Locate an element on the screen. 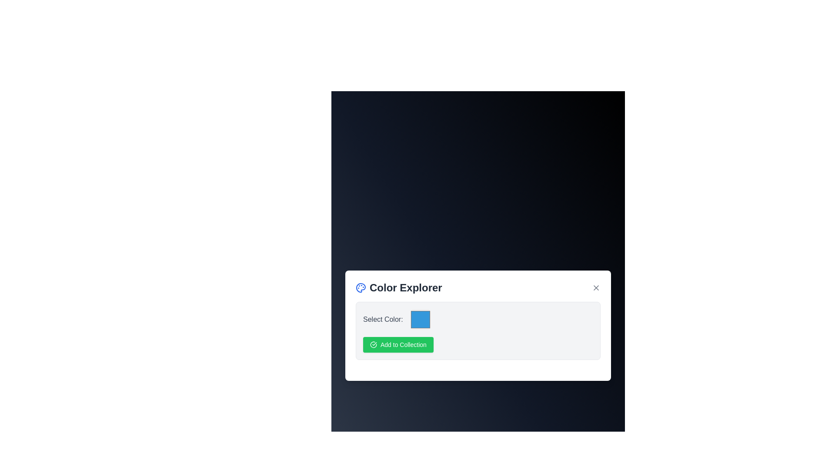 This screenshot has height=469, width=835. the 'What this Text' header element that indicates the section pertains to exploring colors, located at the top center of the dialog box is located at coordinates (398, 288).